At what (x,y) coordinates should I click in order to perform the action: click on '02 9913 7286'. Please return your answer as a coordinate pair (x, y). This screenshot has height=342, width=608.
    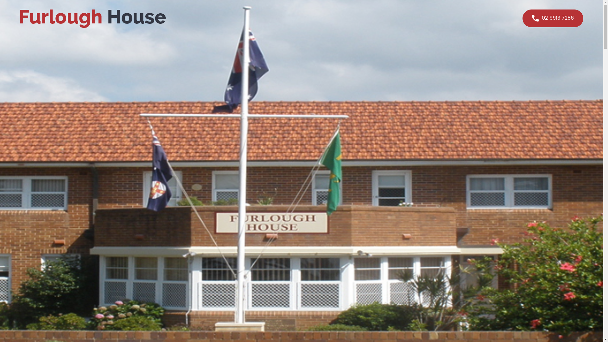
    Looking at the image, I should click on (553, 18).